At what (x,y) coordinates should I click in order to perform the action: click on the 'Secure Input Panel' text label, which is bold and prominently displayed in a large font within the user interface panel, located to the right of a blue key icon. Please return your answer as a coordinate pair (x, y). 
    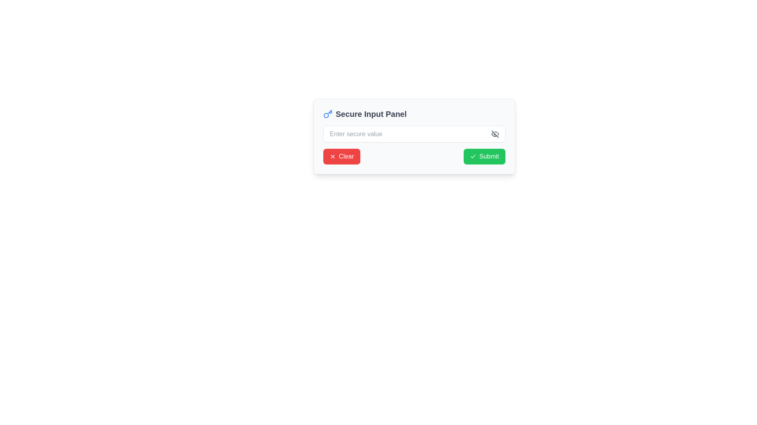
    Looking at the image, I should click on (371, 114).